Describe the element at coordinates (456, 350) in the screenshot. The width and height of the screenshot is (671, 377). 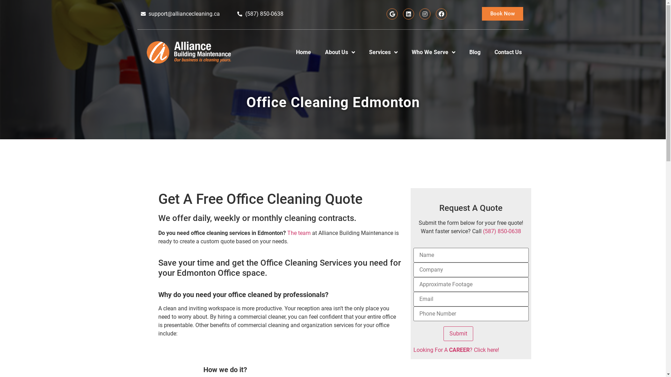
I see `'Looking For A CAREER? Click here!'` at that location.